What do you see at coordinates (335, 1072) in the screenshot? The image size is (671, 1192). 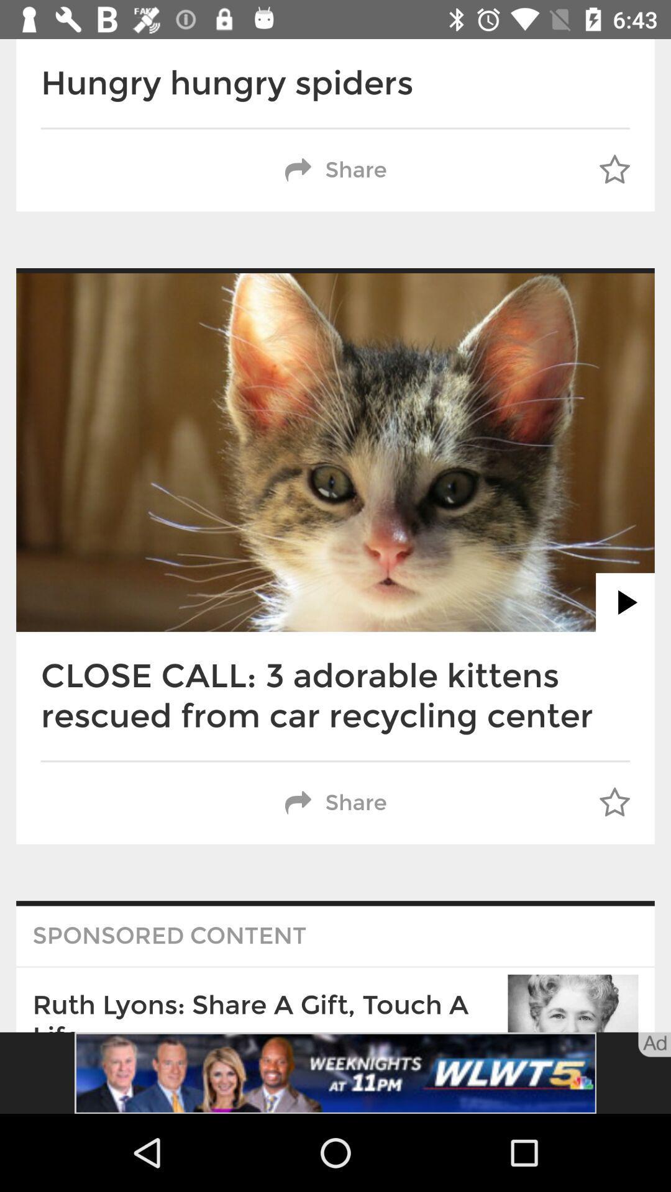 I see `share the article` at bounding box center [335, 1072].